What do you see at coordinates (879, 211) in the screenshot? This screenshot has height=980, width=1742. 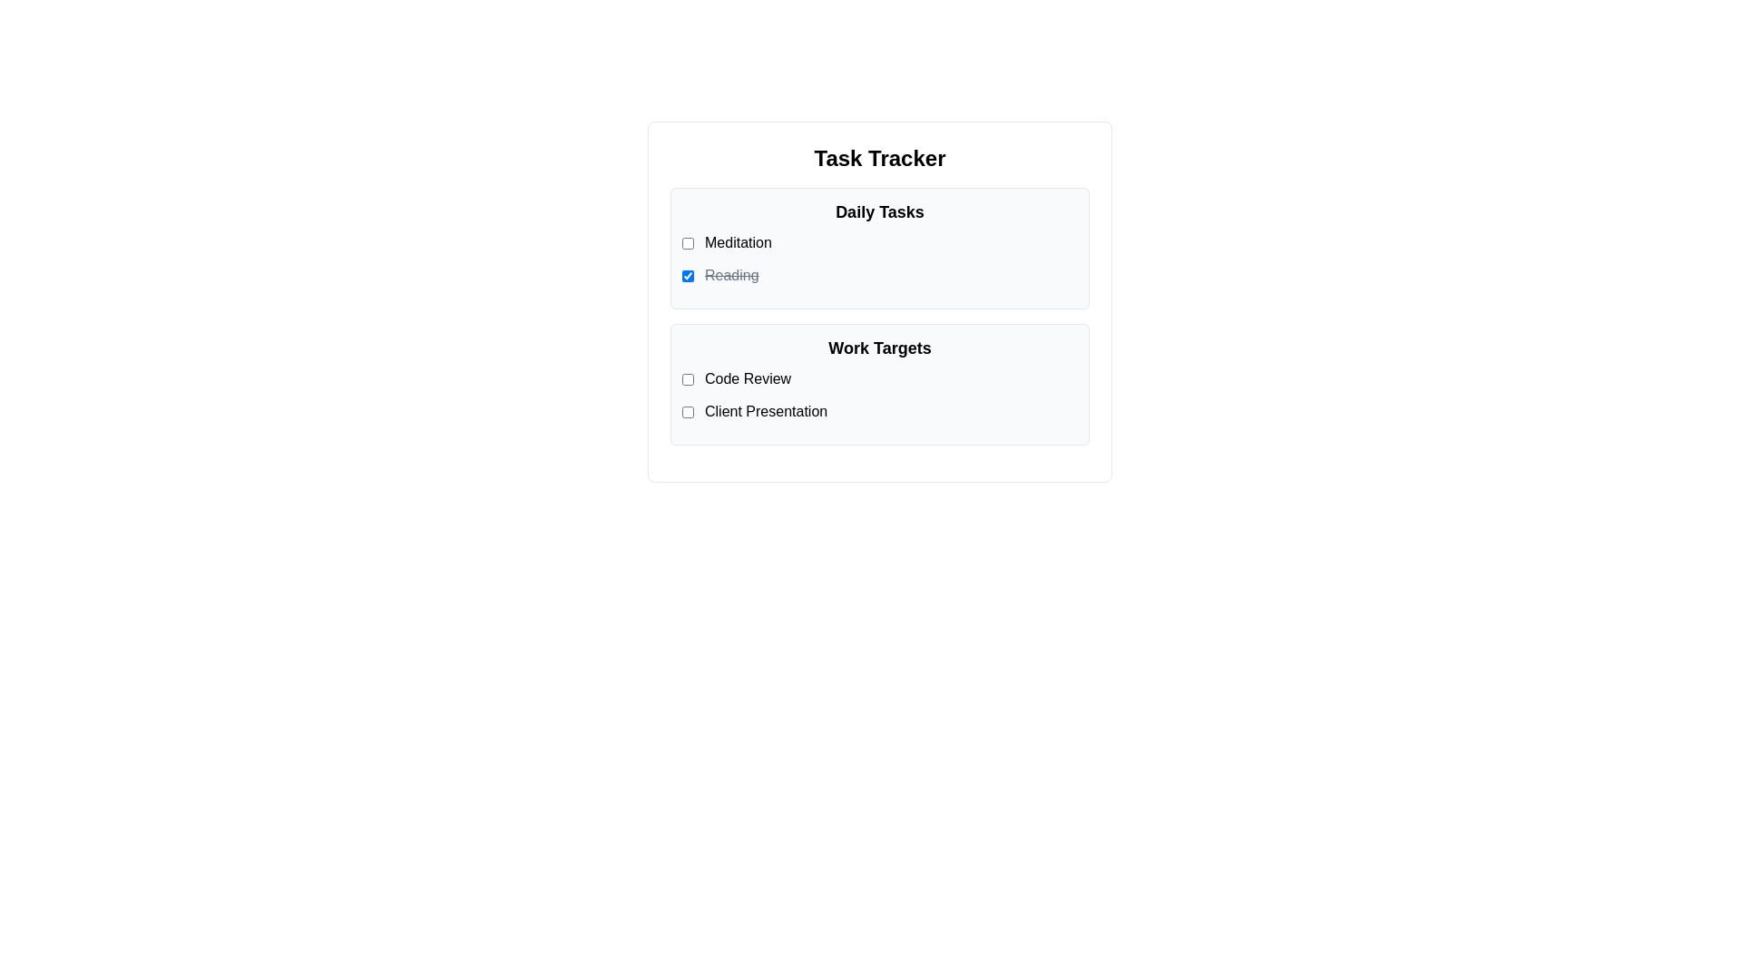 I see `the 'Daily Tasks' text label that displays the text in bold and larger font size, positioned at the top of its section above the list items 'Meditation' and 'Reading'` at bounding box center [879, 211].